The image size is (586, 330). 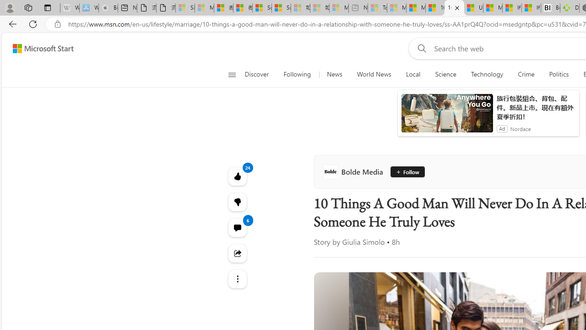 What do you see at coordinates (298, 74) in the screenshot?
I see `'Following'` at bounding box center [298, 74].